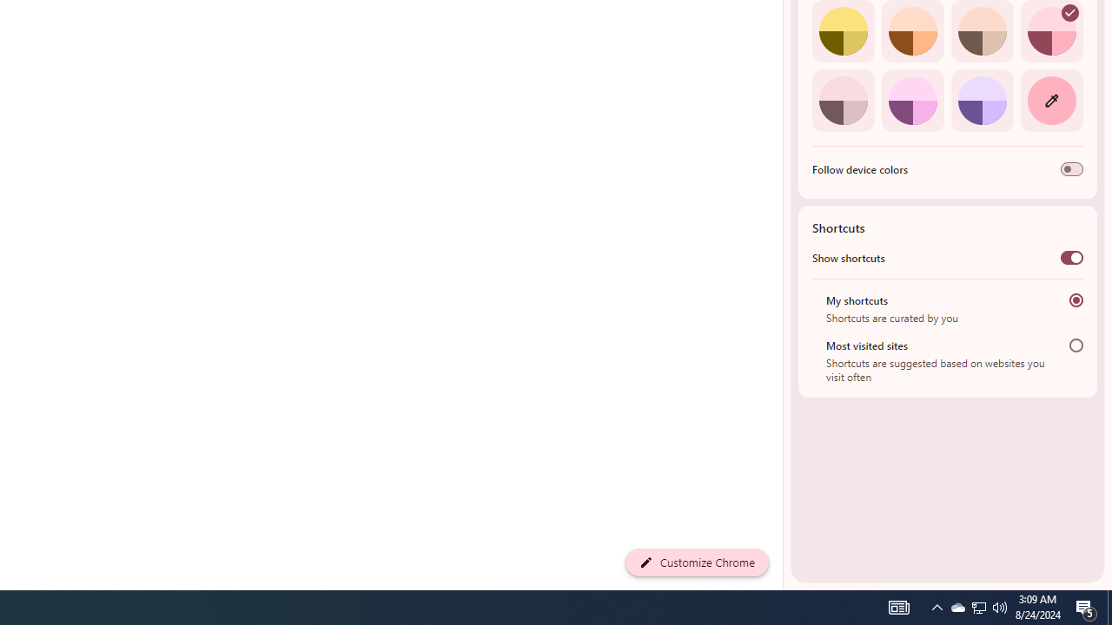 The height and width of the screenshot is (625, 1112). I want to click on 'Customize Chrome', so click(696, 562).